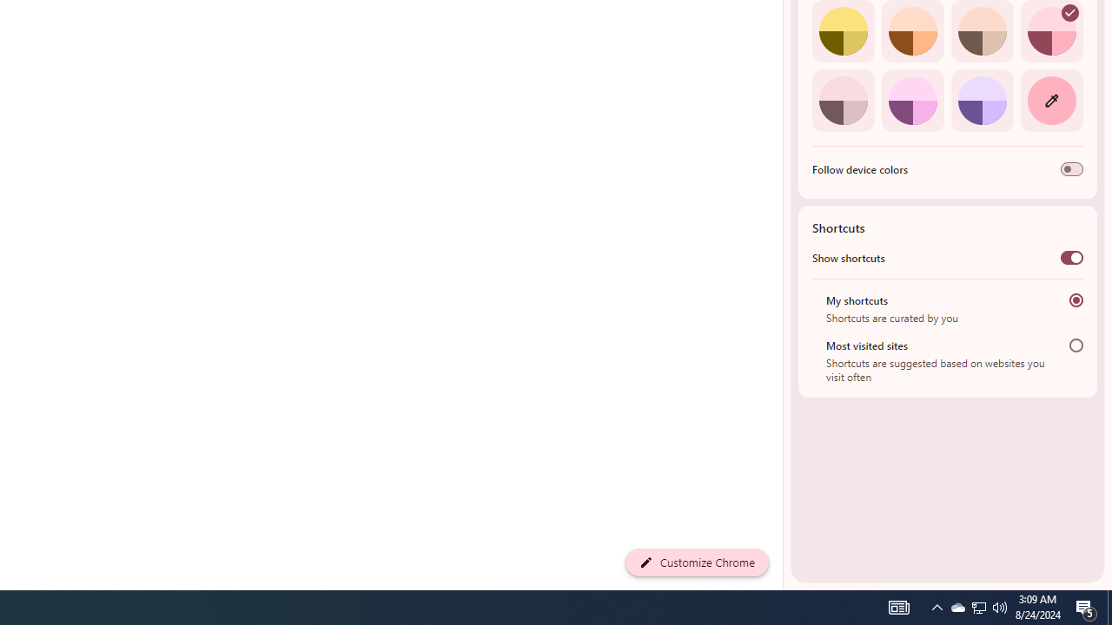 The height and width of the screenshot is (625, 1112). I want to click on 'Customize Chrome', so click(696, 562).